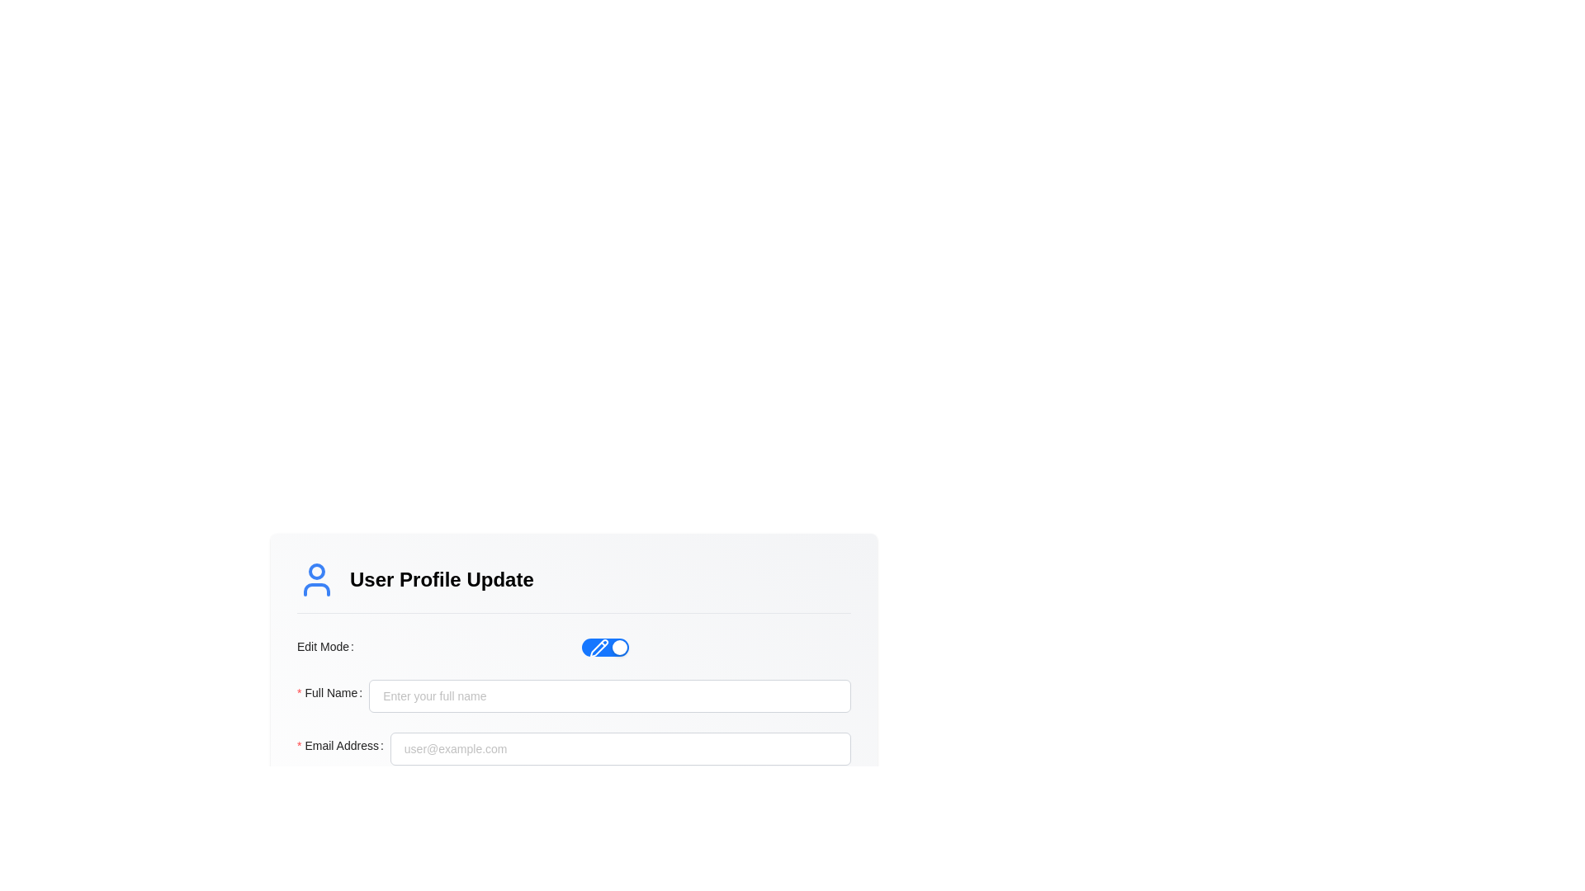 The height and width of the screenshot is (891, 1585). What do you see at coordinates (605, 645) in the screenshot?
I see `the toggle switch located to the right of the 'Edit Mode' label in the user profile update form` at bounding box center [605, 645].